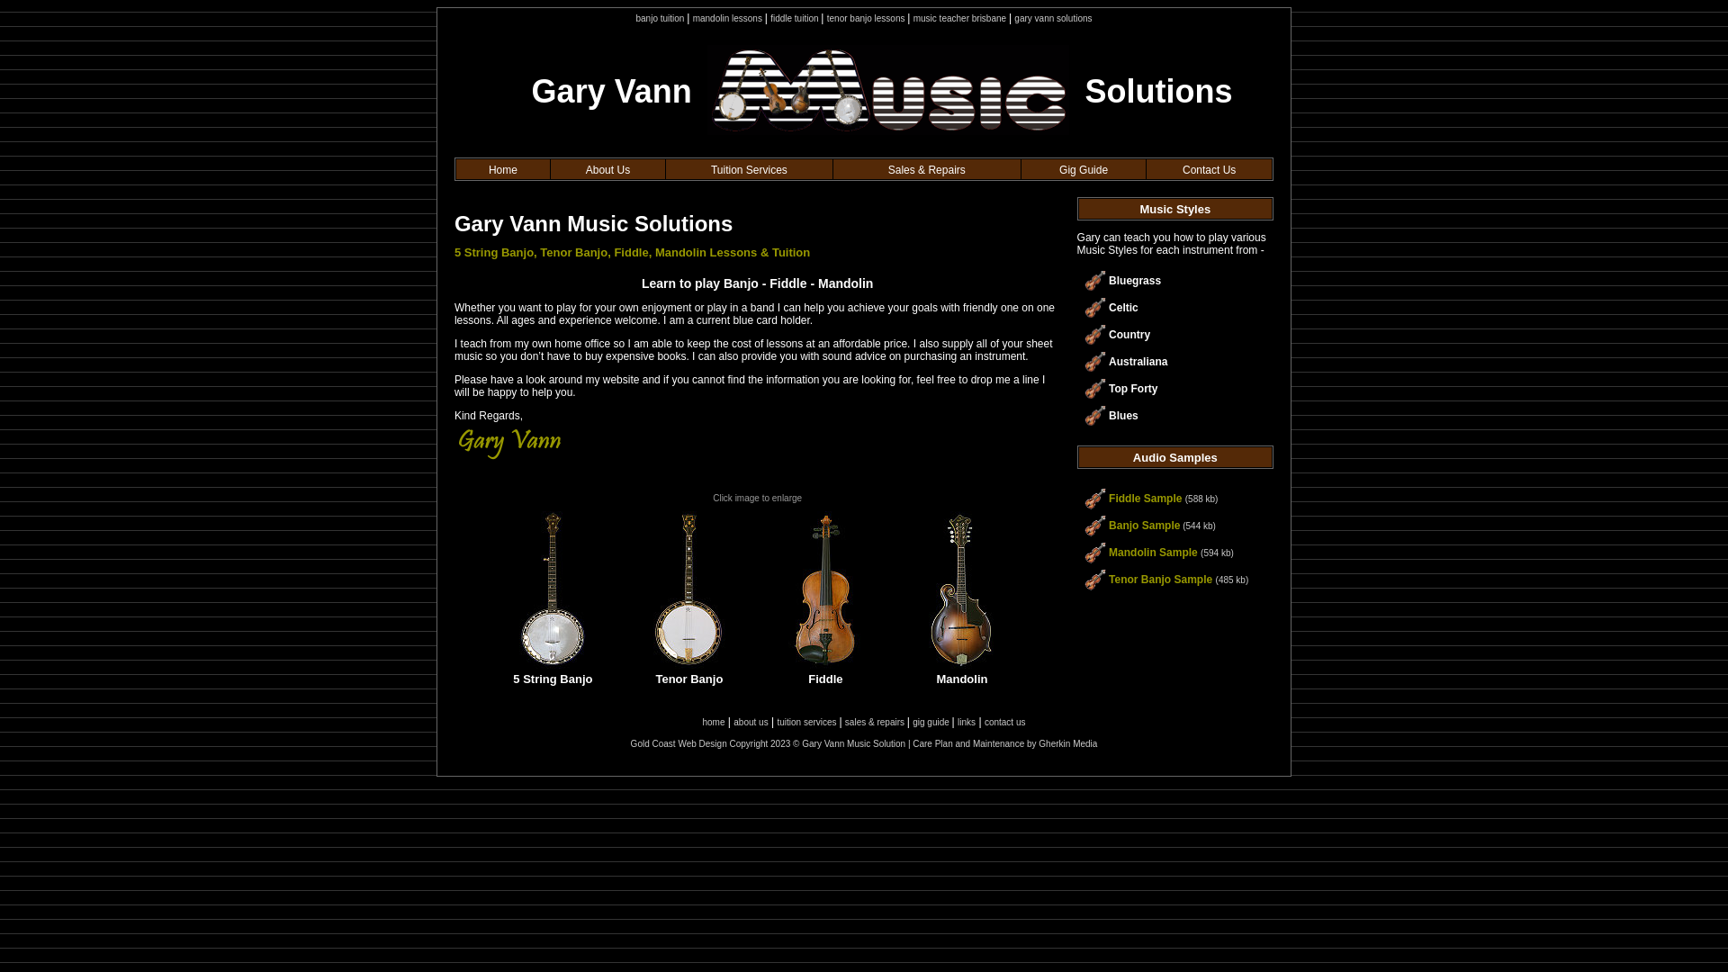 This screenshot has height=972, width=1728. I want to click on 'fiddle tuition', so click(794, 18).